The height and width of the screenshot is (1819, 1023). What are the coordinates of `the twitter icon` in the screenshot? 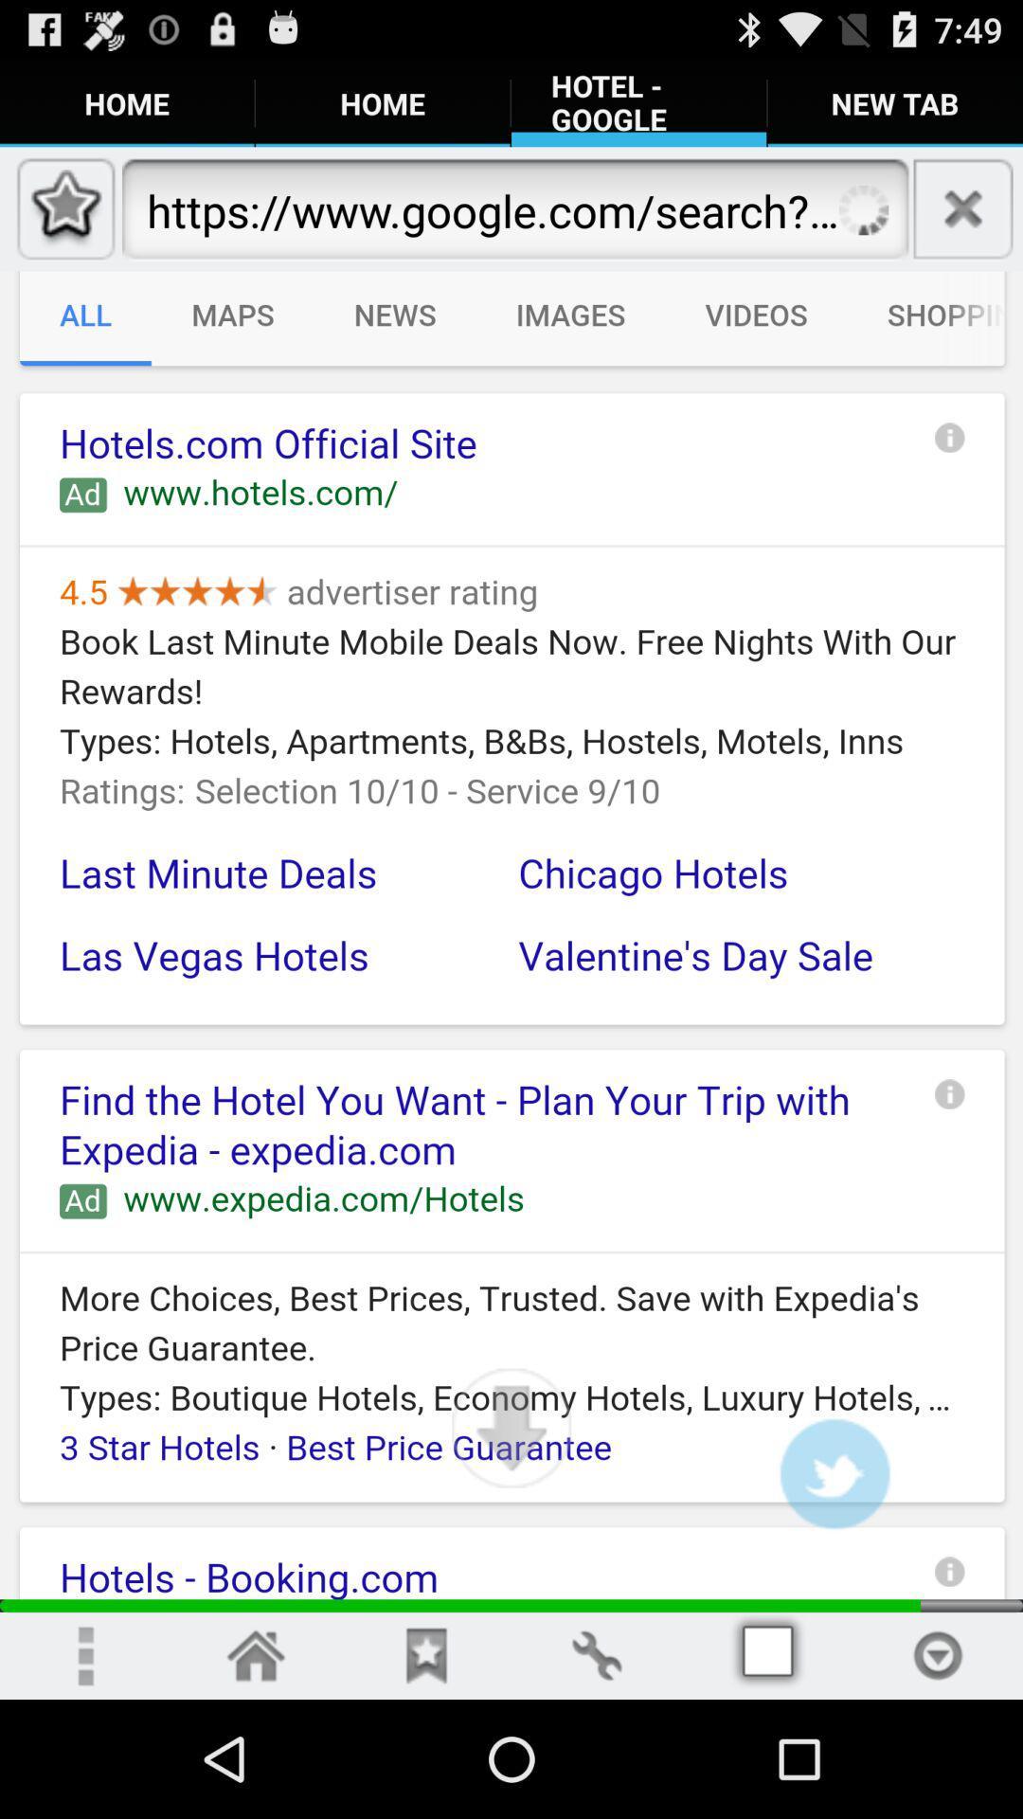 It's located at (834, 1577).